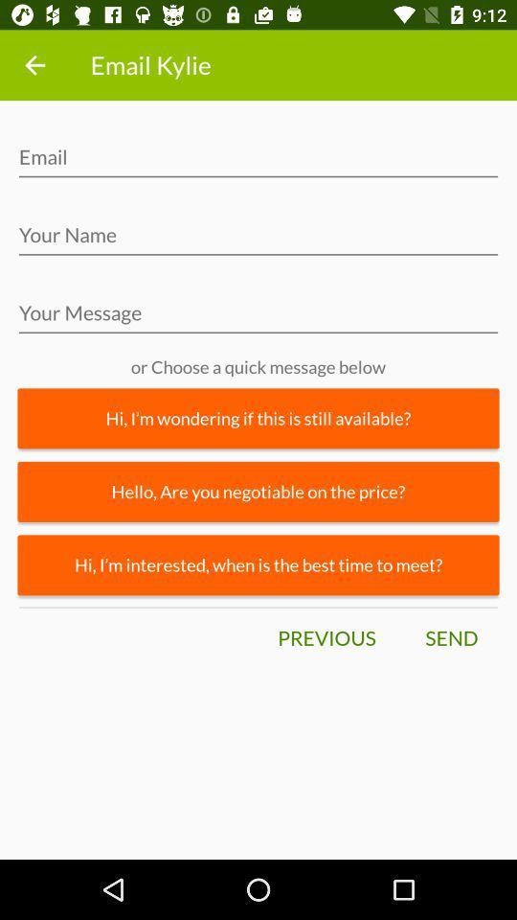 The image size is (517, 920). Describe the element at coordinates (34, 65) in the screenshot. I see `the item next to the email kylie` at that location.